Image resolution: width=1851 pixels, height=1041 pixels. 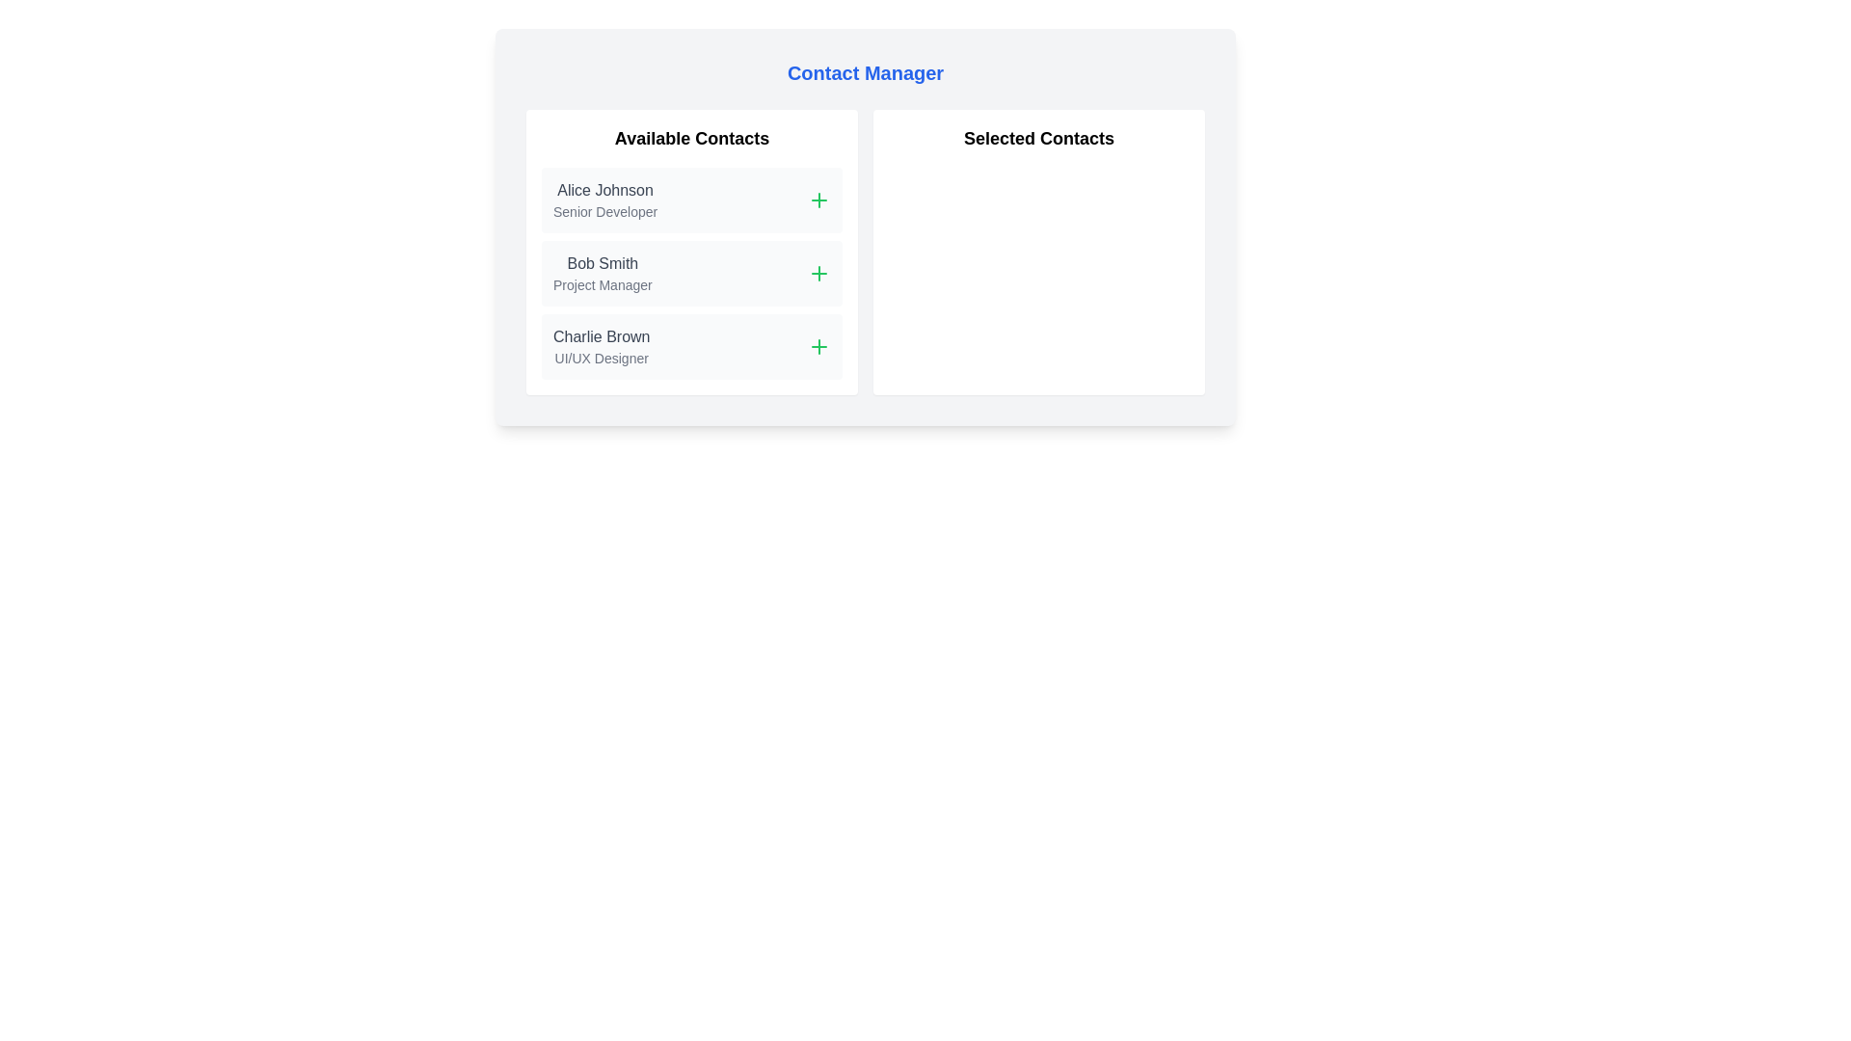 I want to click on text label 'UI/UX Designer' located below 'Charlie Brown' in the left column of the 'Available Contacts' section, so click(x=601, y=358).